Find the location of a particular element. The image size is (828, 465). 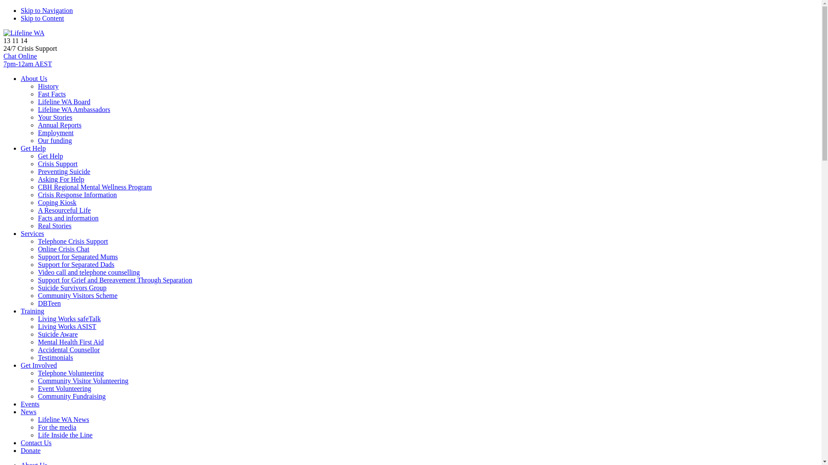

'Get Help' is located at coordinates (50, 156).